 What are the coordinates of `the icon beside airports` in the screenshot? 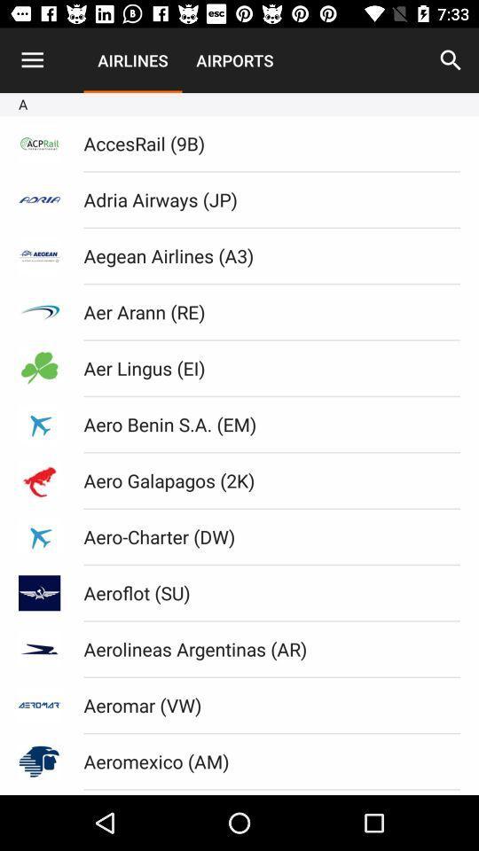 It's located at (451, 60).